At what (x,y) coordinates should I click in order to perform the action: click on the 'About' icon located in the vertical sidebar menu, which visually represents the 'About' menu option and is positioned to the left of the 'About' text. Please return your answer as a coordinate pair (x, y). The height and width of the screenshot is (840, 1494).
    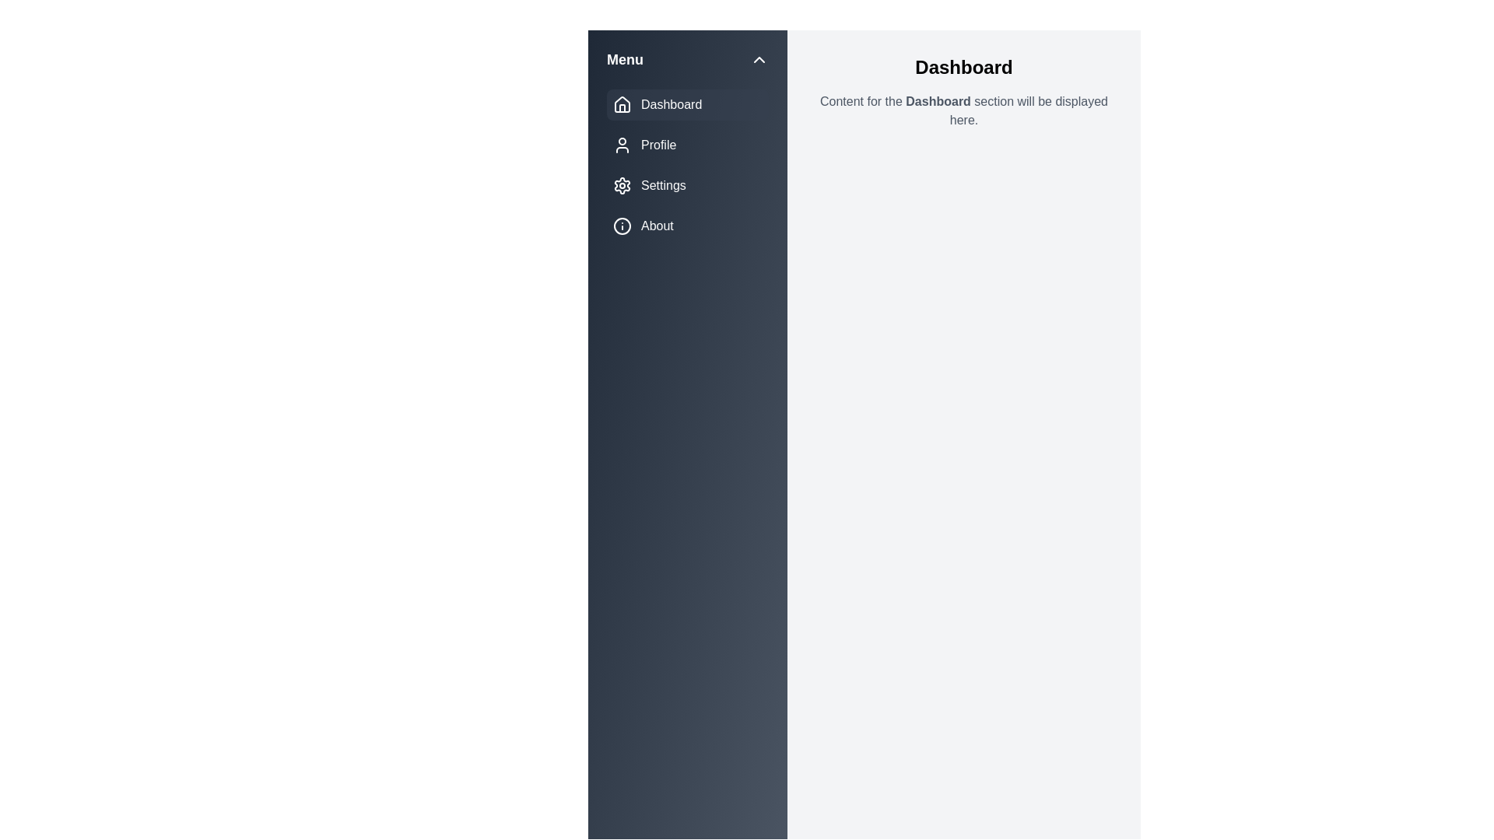
    Looking at the image, I should click on (622, 226).